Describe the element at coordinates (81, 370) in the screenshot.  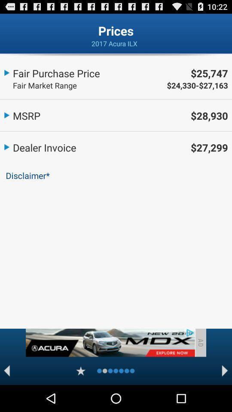
I see `advertising star option` at that location.